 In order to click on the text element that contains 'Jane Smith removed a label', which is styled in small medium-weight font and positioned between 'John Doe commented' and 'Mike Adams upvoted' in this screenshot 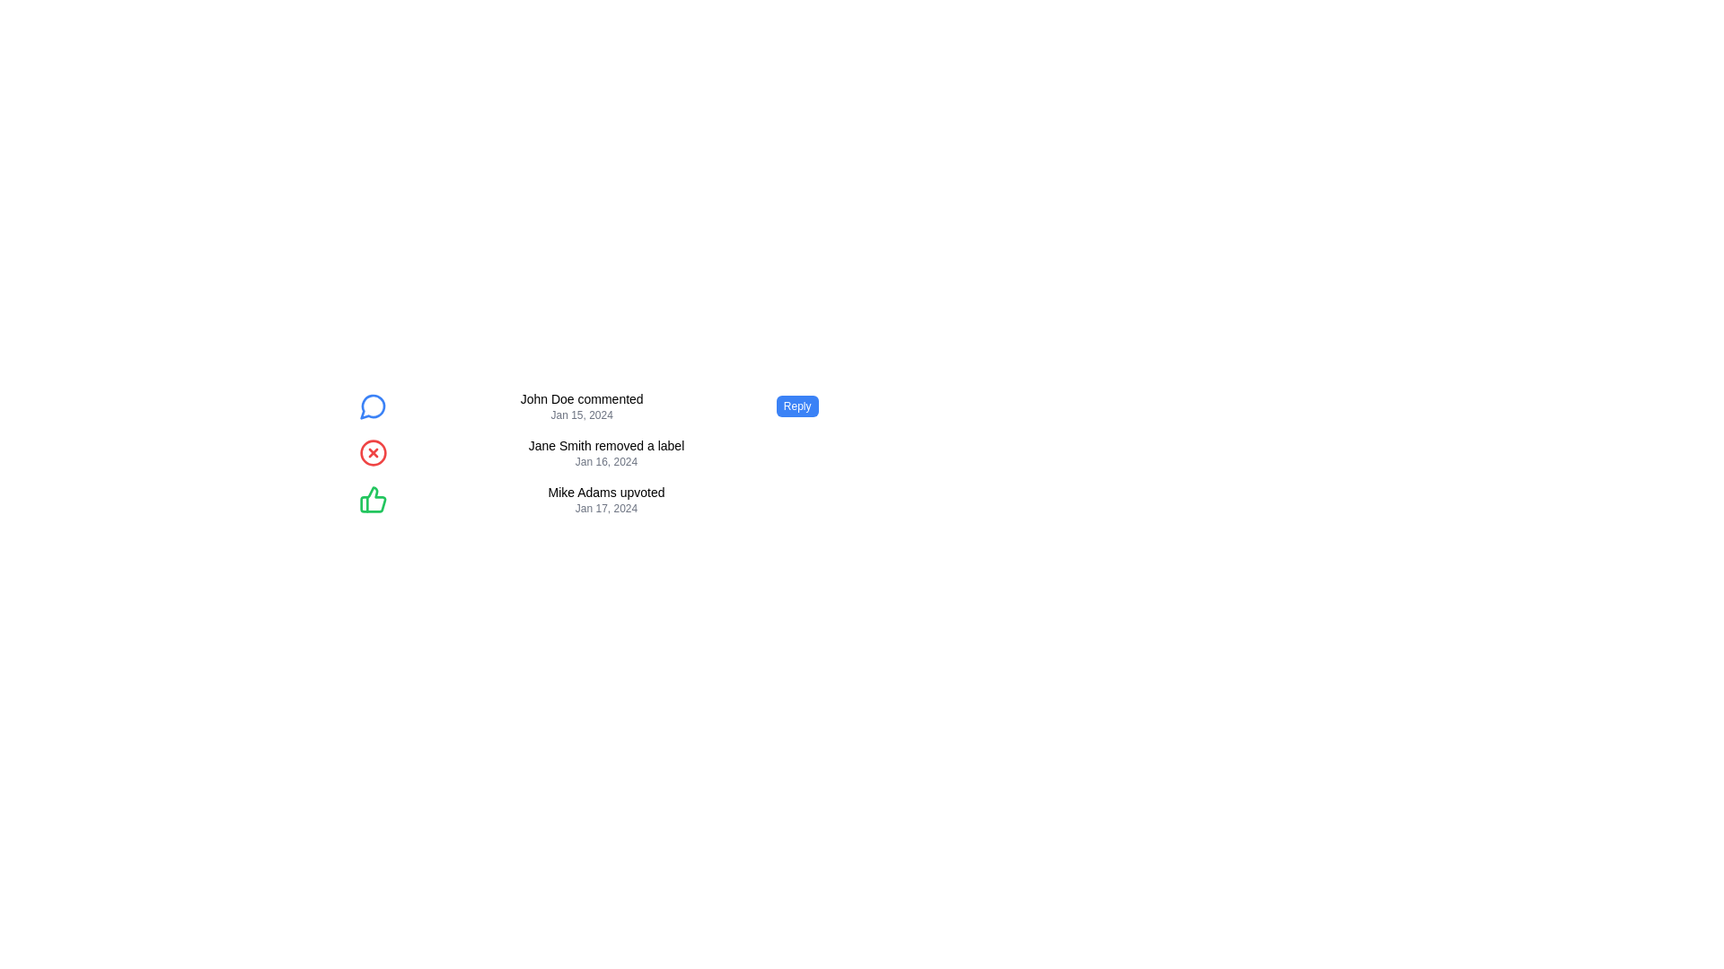, I will do `click(606, 445)`.